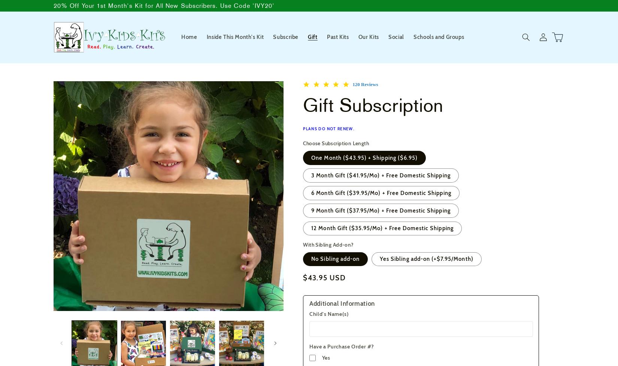 This screenshot has width=618, height=366. I want to click on 'Gift Subscription', so click(373, 104).